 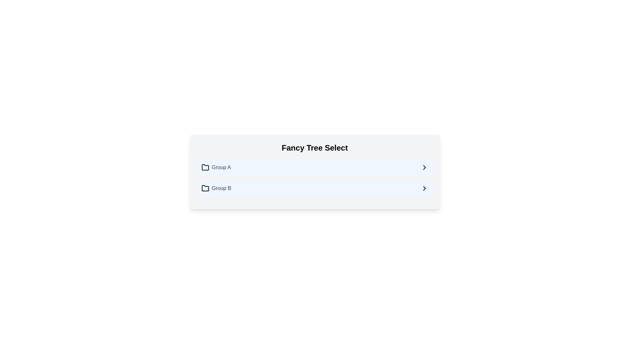 What do you see at coordinates (216, 167) in the screenshot?
I see `the first selectable folder item labeled 'Group A' in the list` at bounding box center [216, 167].